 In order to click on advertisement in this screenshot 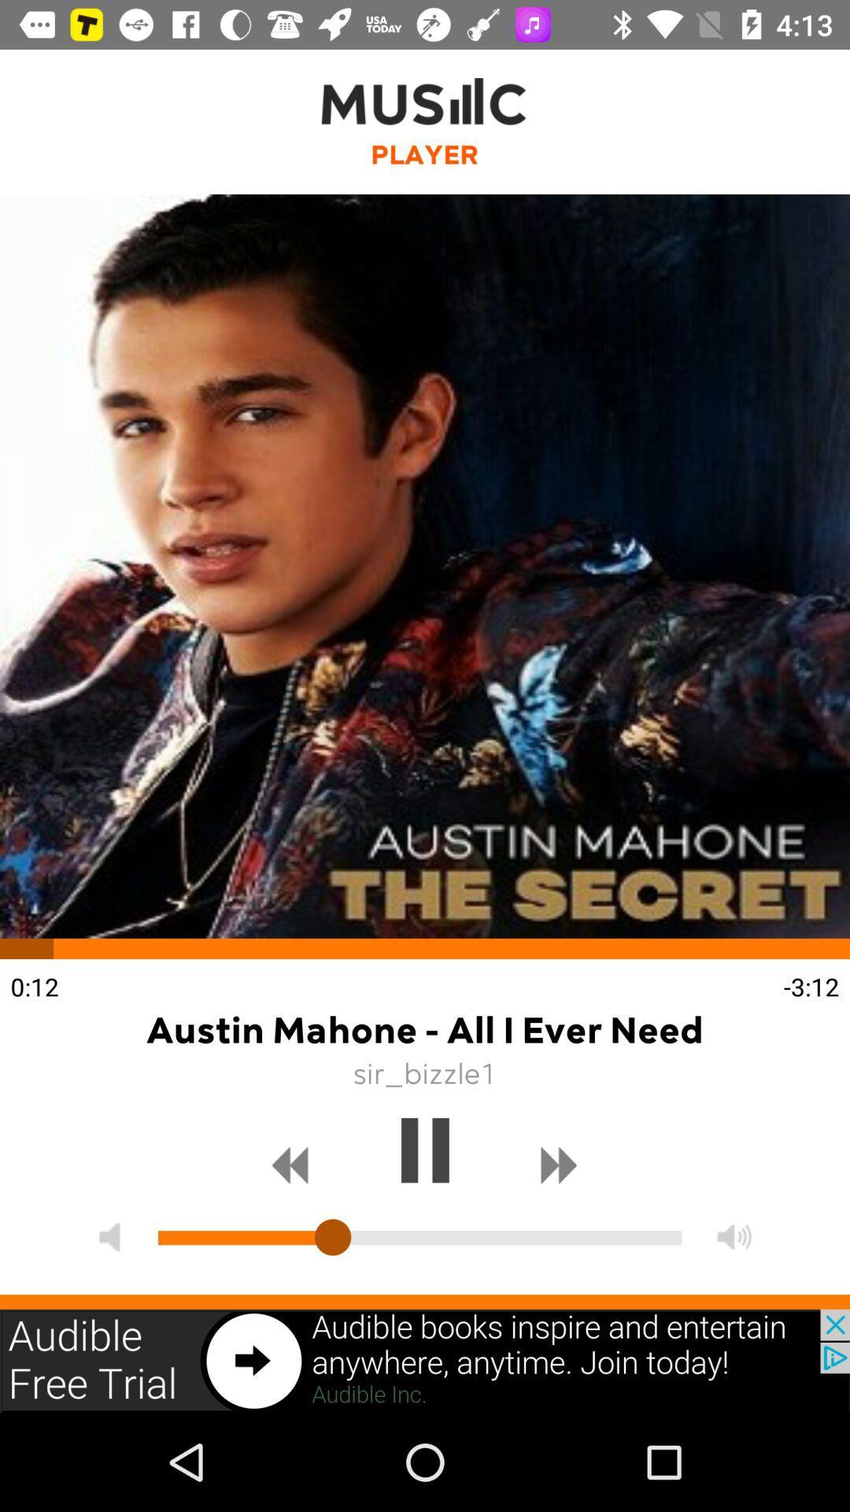, I will do `click(425, 1360)`.